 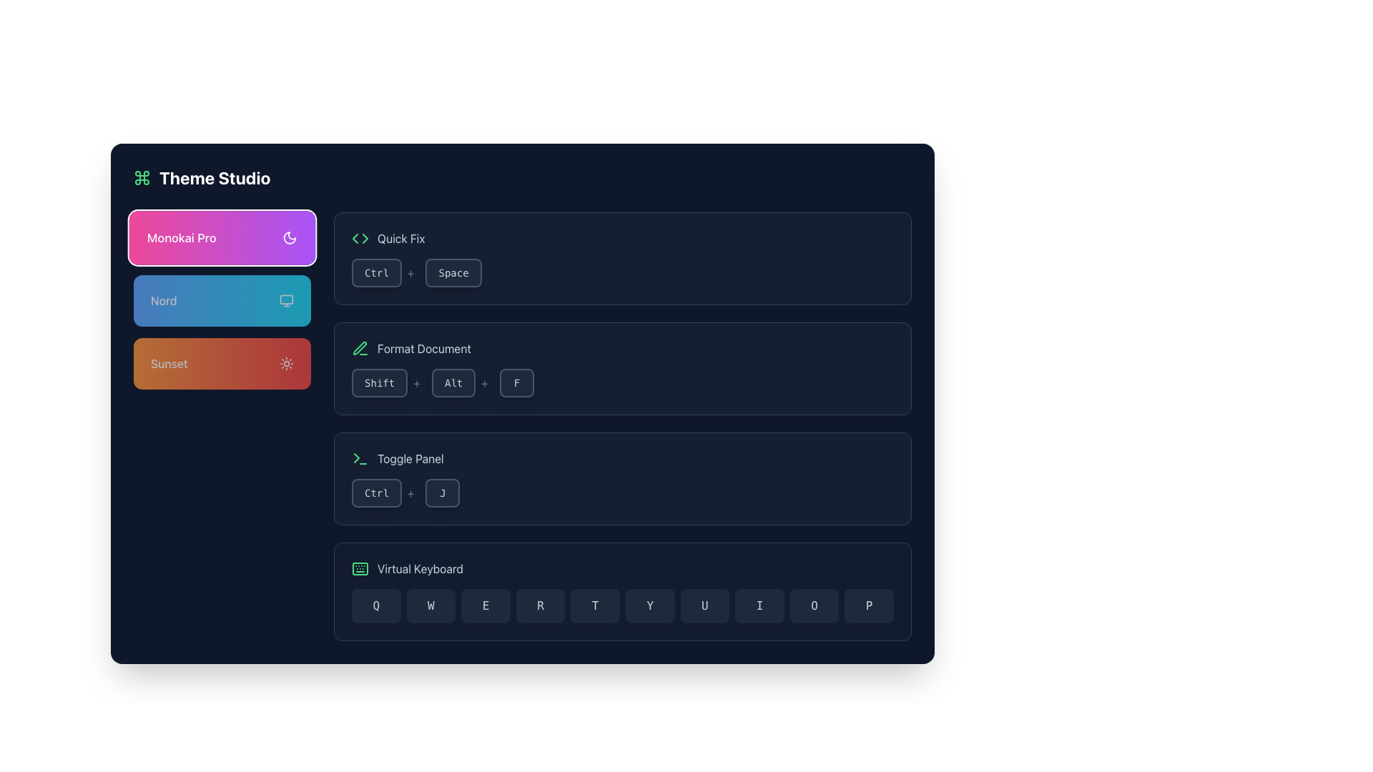 What do you see at coordinates (423, 349) in the screenshot?
I see `text label 'Format Document' which is light gray and located next to a green pencil icon in the top-central part of the panel` at bounding box center [423, 349].